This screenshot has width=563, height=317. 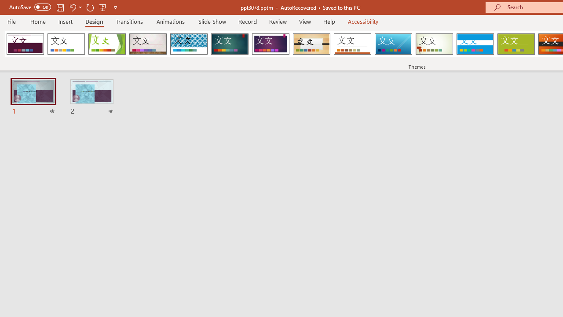 I want to click on 'Basis', so click(x=516, y=44).